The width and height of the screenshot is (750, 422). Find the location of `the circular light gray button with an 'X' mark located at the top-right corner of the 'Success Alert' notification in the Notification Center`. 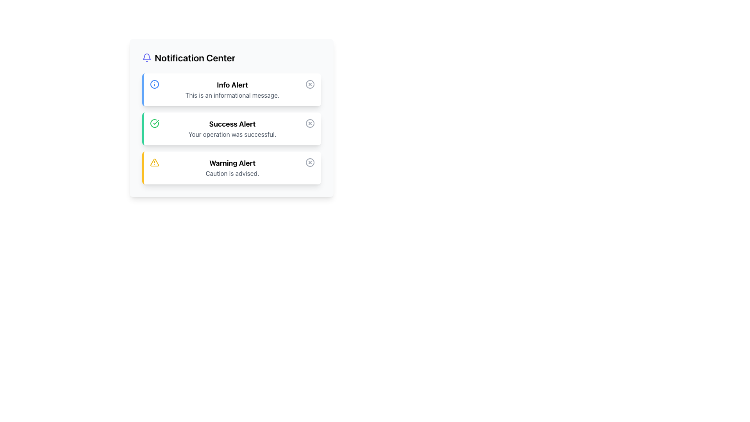

the circular light gray button with an 'X' mark located at the top-right corner of the 'Success Alert' notification in the Notification Center is located at coordinates (309, 123).